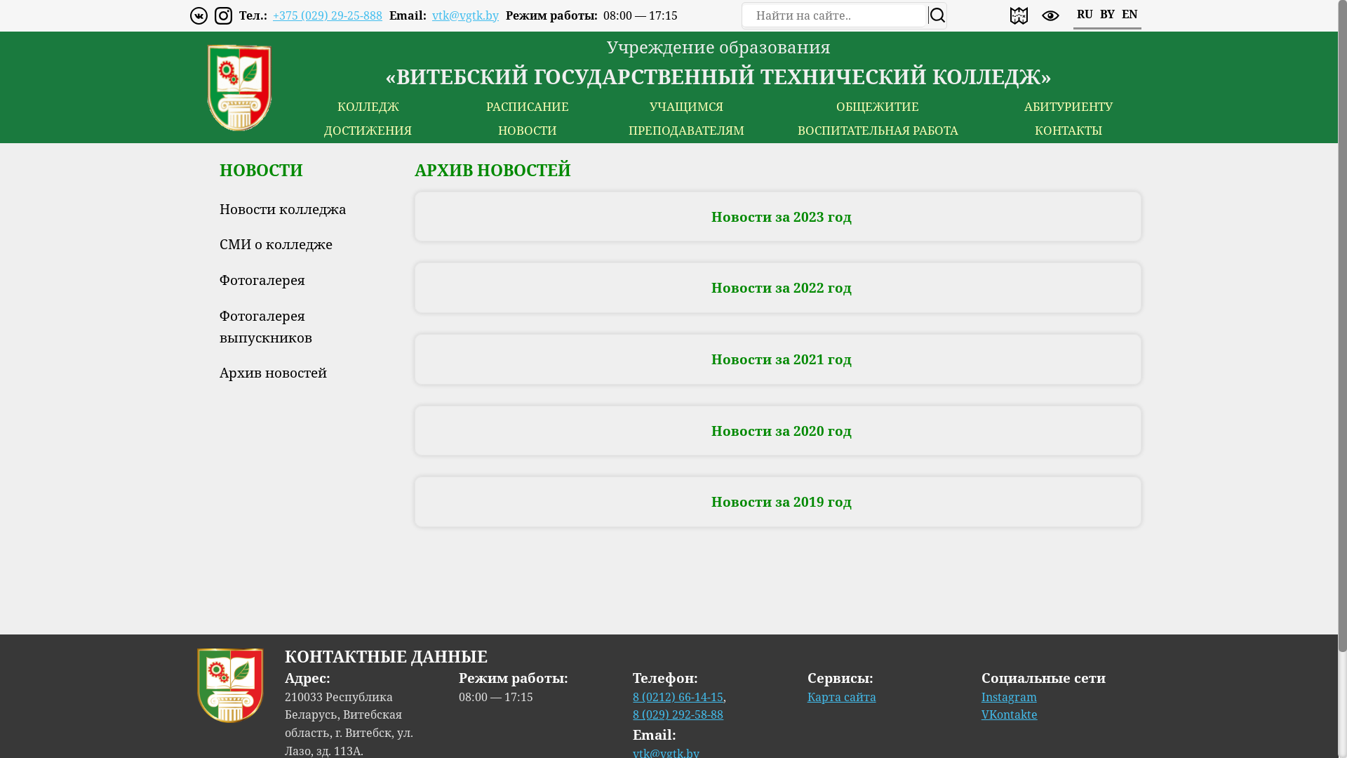 The height and width of the screenshot is (758, 1347). What do you see at coordinates (1009, 714) in the screenshot?
I see `'VKontakte'` at bounding box center [1009, 714].